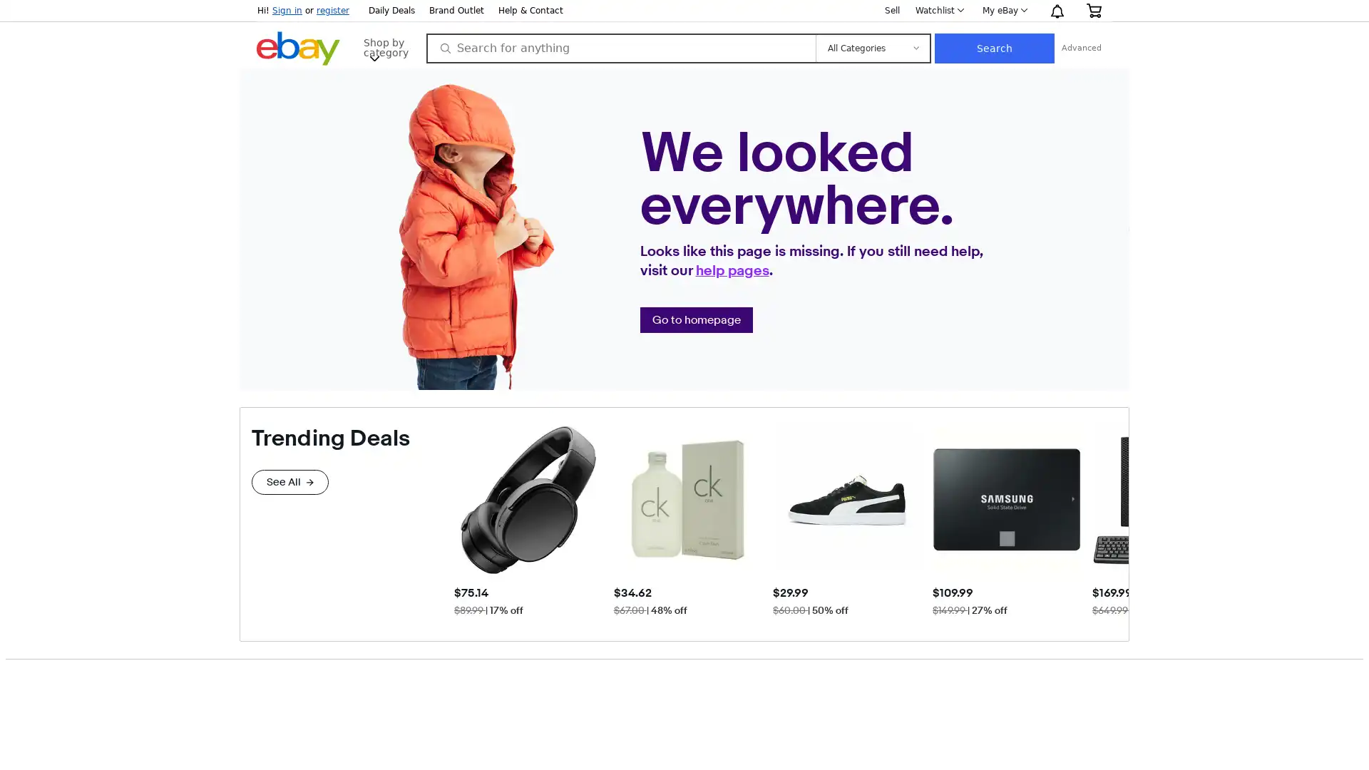  I want to click on Next Slide, so click(1116, 520).